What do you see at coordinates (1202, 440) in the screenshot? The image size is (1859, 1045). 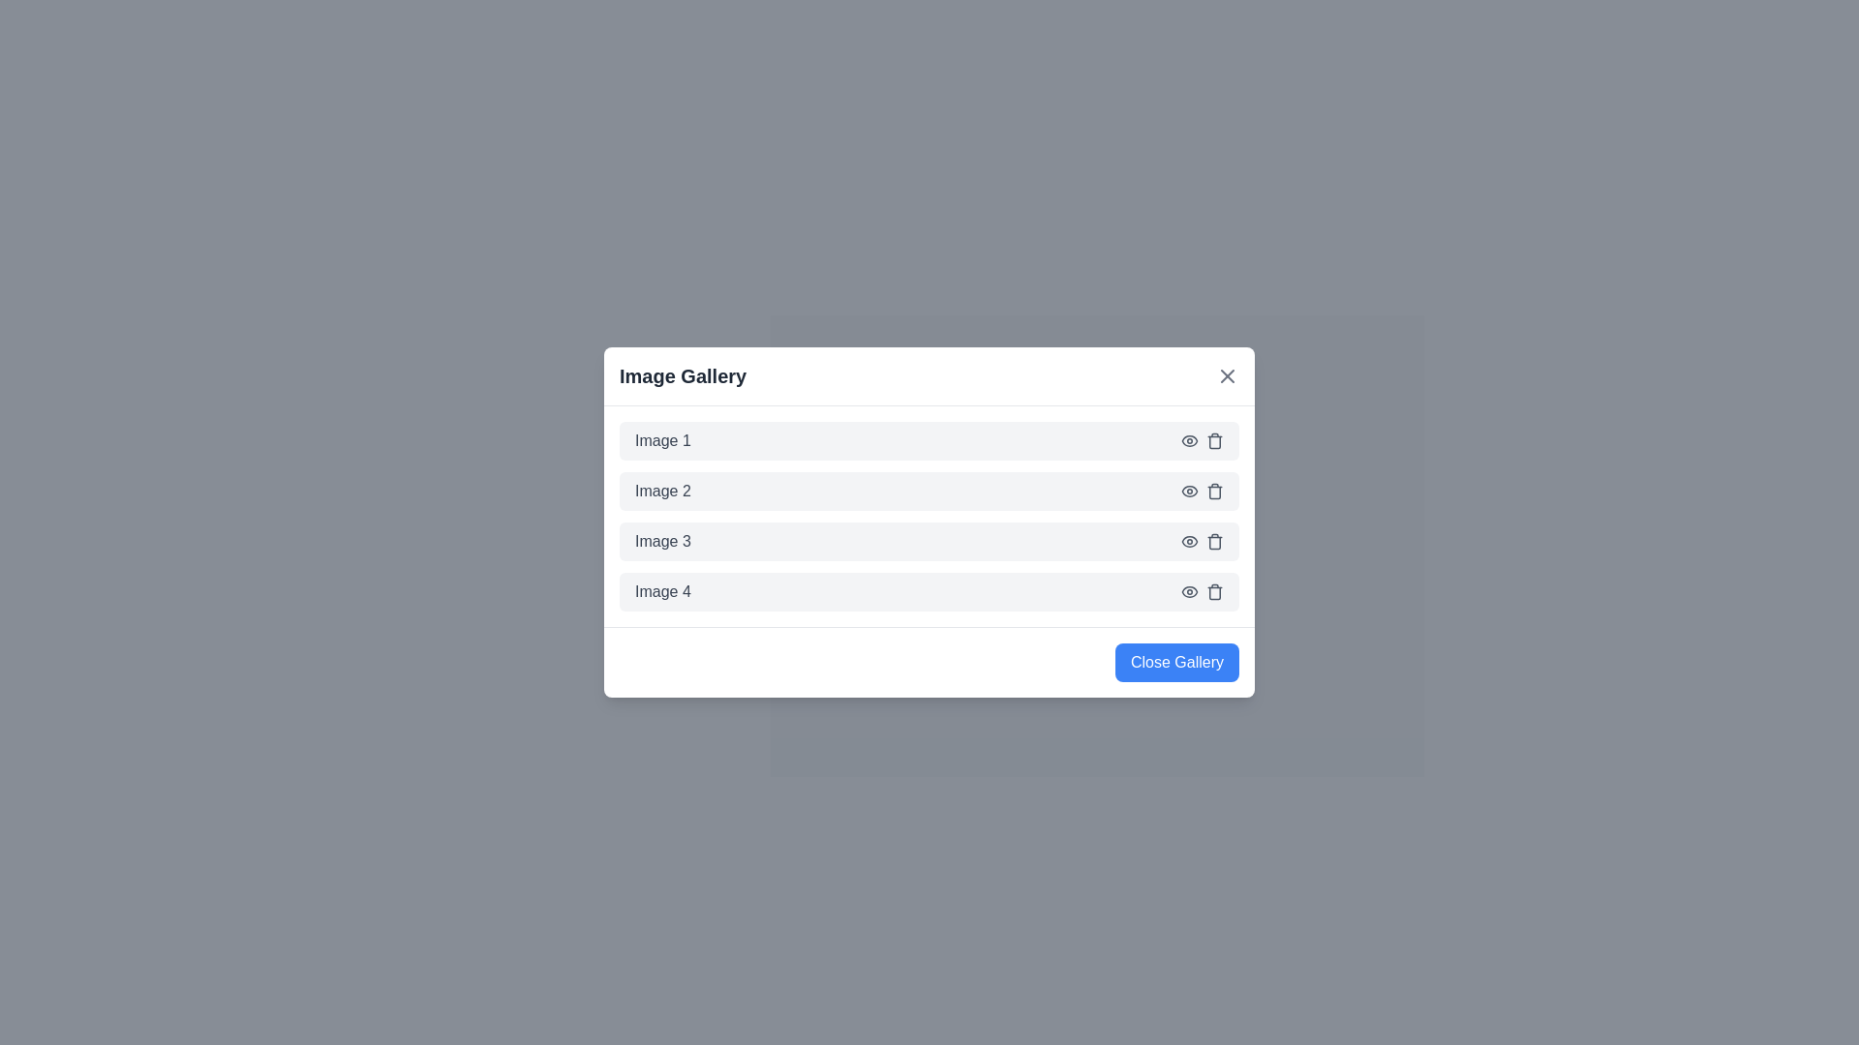 I see `the view icon in the action group for 'Image 1' located on the right side of the row within the 'Image Gallery'` at bounding box center [1202, 440].